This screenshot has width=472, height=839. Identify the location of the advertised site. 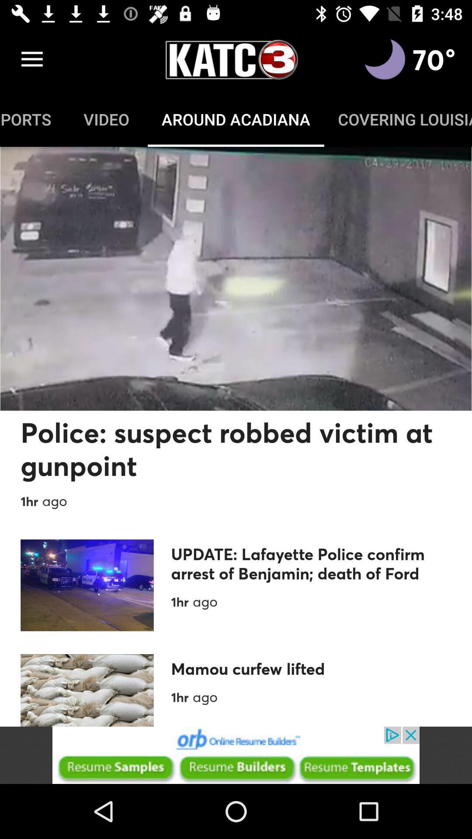
(236, 755).